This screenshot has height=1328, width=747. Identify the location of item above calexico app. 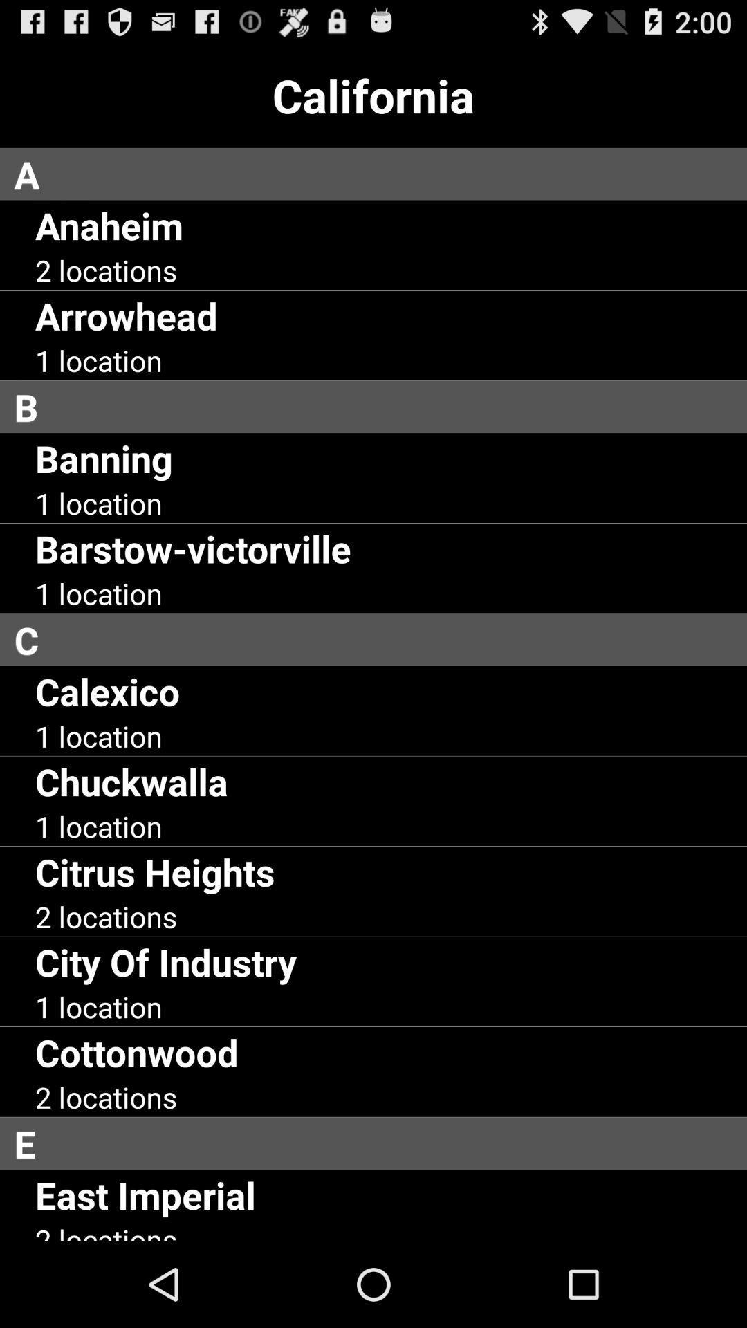
(380, 639).